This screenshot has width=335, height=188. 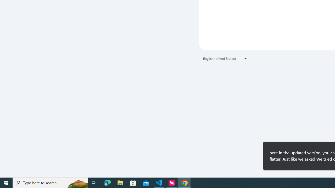 What do you see at coordinates (225, 58) in the screenshot?
I see `'English (United States)'` at bounding box center [225, 58].